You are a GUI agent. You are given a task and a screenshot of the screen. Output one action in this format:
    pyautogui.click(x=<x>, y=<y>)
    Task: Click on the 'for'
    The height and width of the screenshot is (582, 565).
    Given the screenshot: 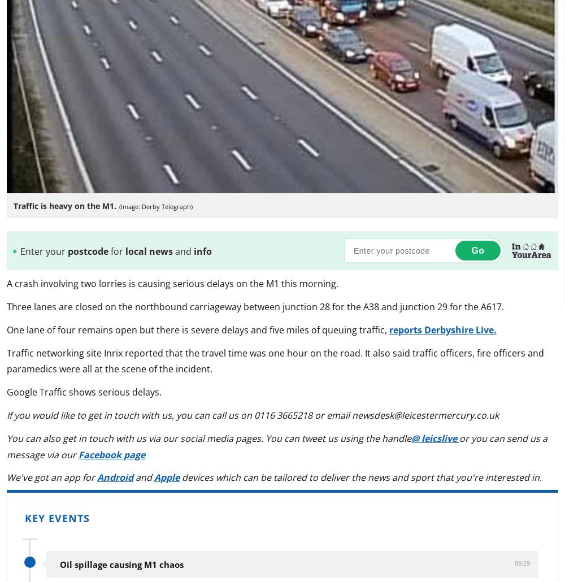 What is the action you would take?
    pyautogui.click(x=116, y=250)
    